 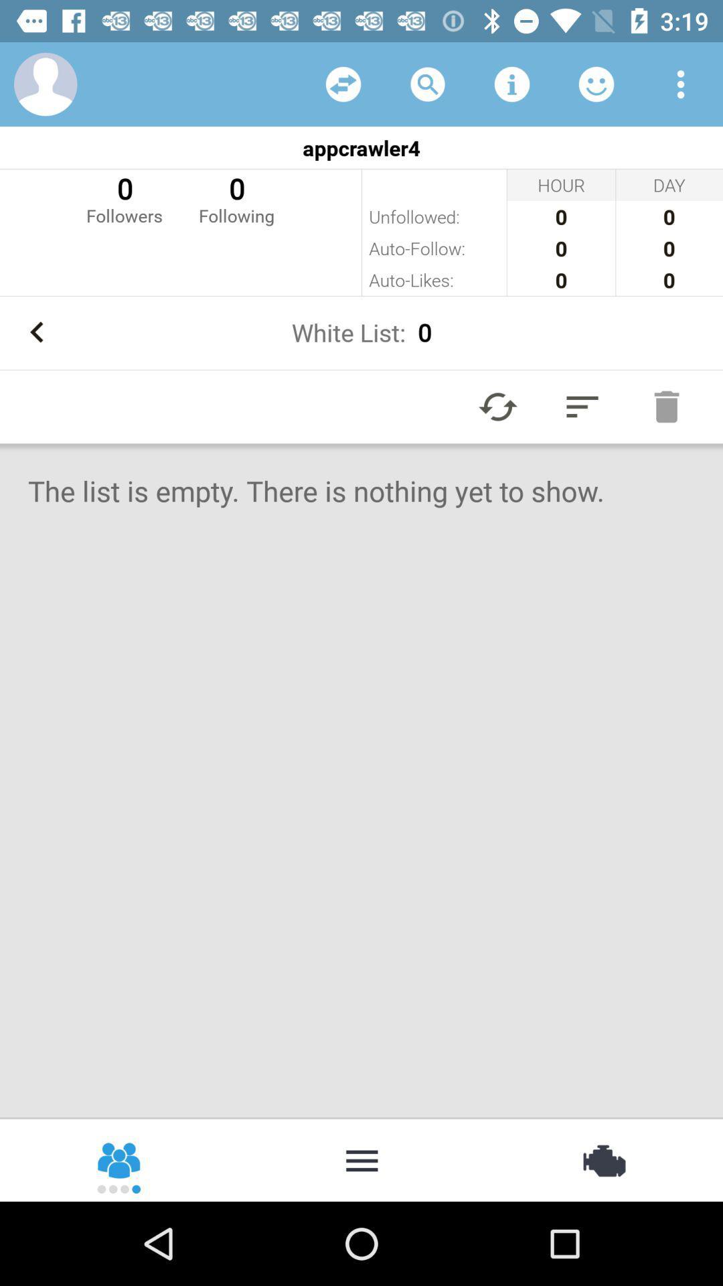 I want to click on the more icon, so click(x=361, y=1159).